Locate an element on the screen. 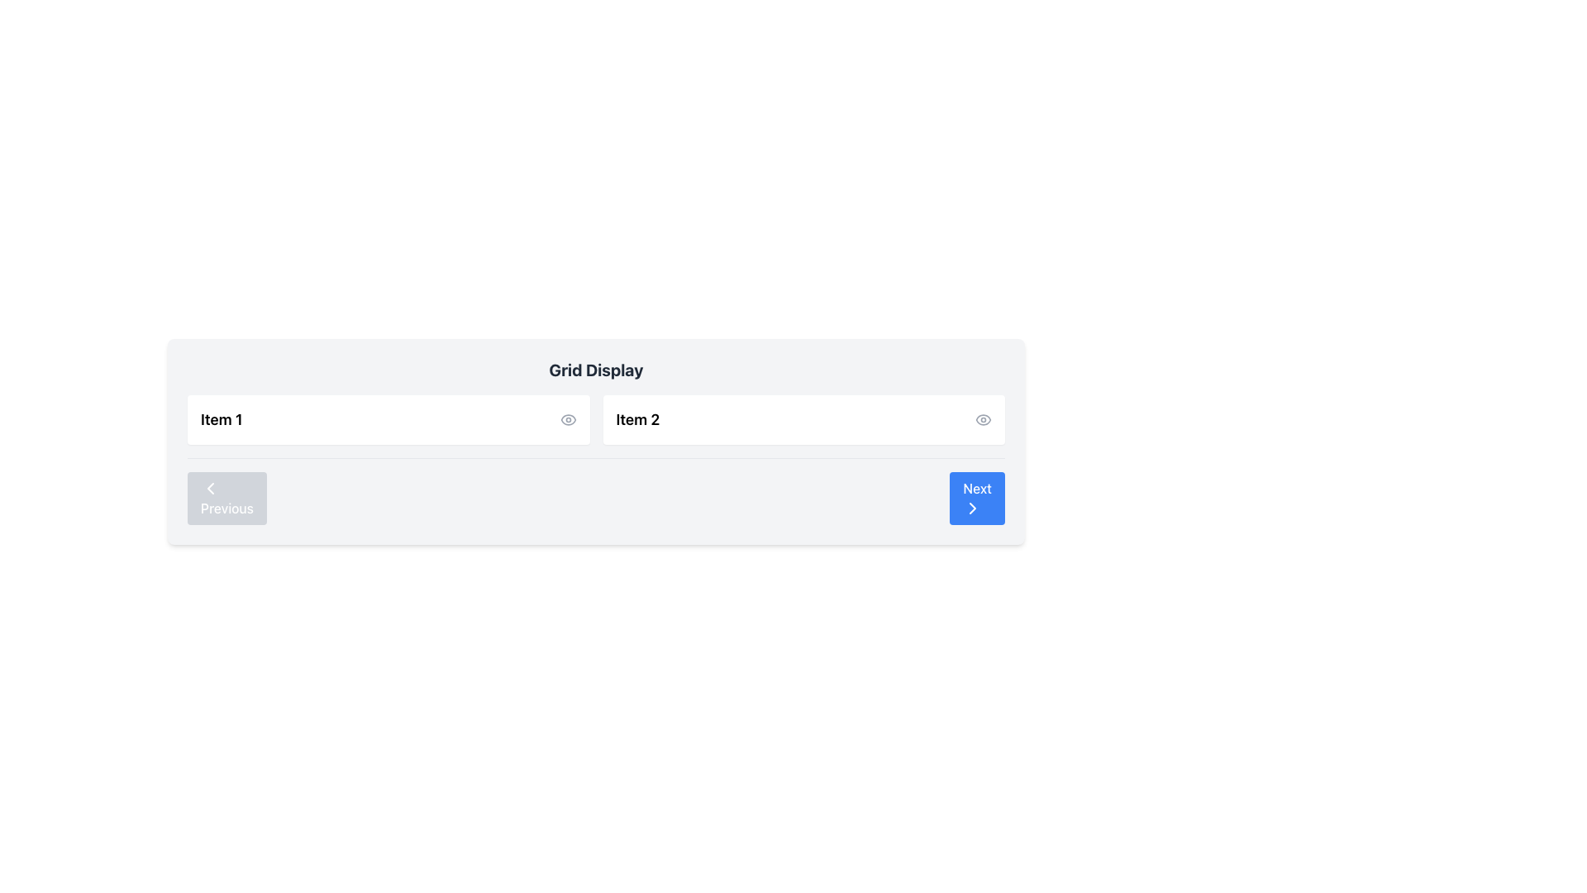 Image resolution: width=1587 pixels, height=893 pixels. the blue 'Next' button with white text and a right-pointing arrow at the bottom-right corner of the navigation area is located at coordinates (977, 497).